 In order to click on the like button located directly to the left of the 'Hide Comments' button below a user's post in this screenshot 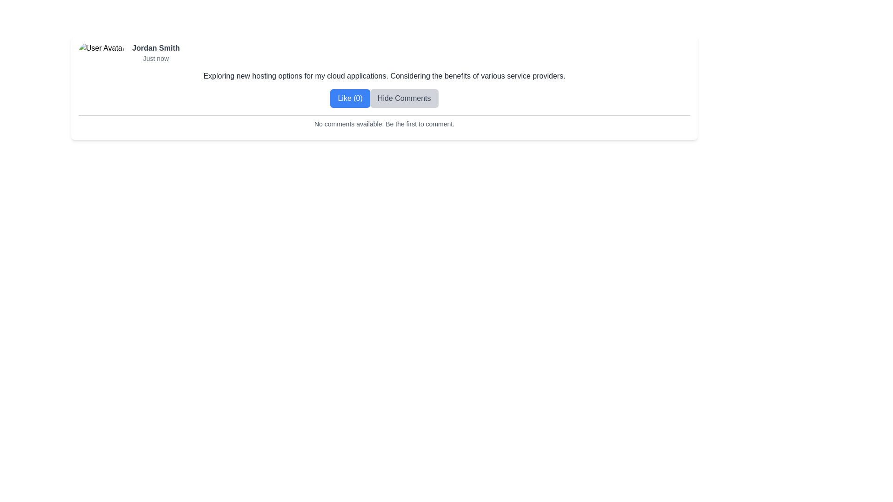, I will do `click(350, 99)`.